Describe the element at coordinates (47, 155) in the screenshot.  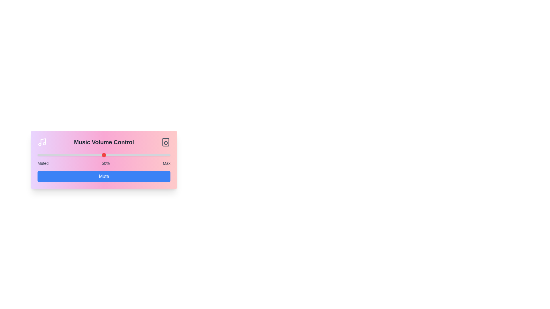
I see `the volume slider to 7%` at that location.